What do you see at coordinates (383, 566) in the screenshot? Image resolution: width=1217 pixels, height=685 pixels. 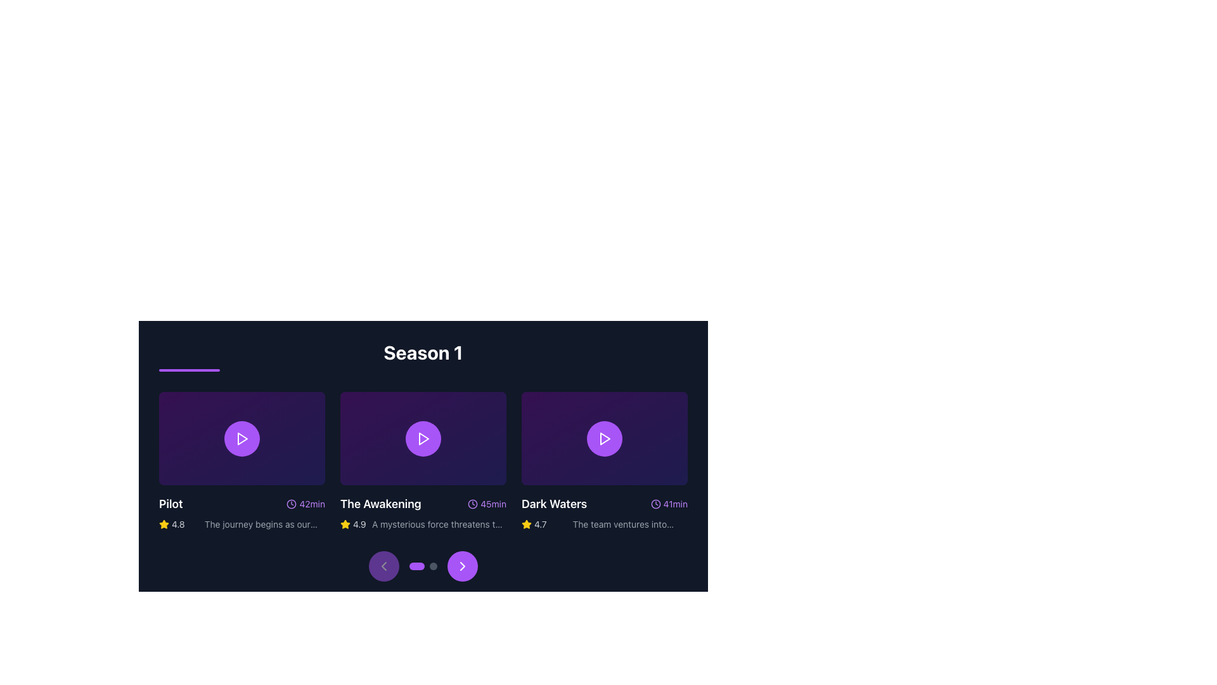 I see `the left-pointing arrow icon inside the circular button located in the navigation section below the 'Season 1' section title` at bounding box center [383, 566].